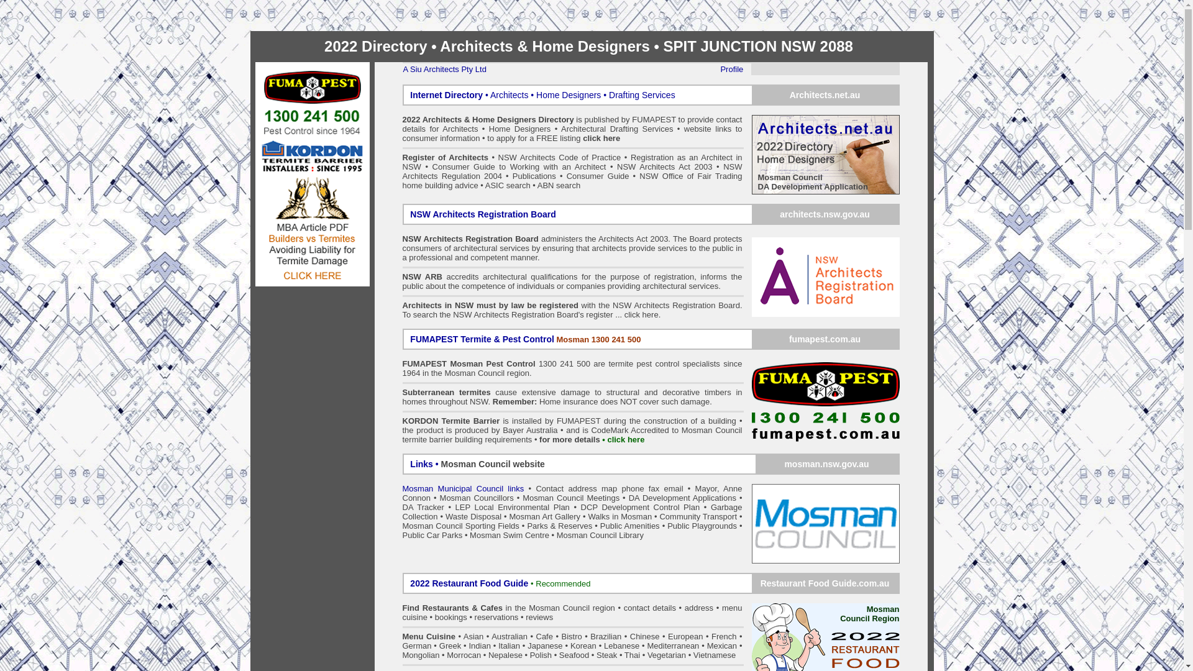 The height and width of the screenshot is (671, 1193). I want to click on 'Publications', so click(513, 176).